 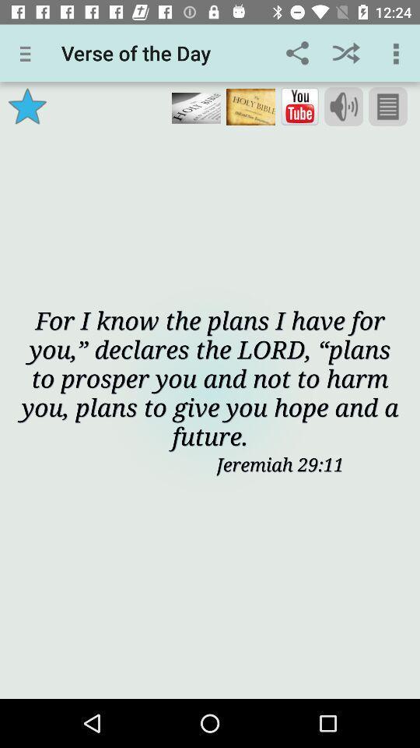 What do you see at coordinates (344, 106) in the screenshot?
I see `the volume icon` at bounding box center [344, 106].